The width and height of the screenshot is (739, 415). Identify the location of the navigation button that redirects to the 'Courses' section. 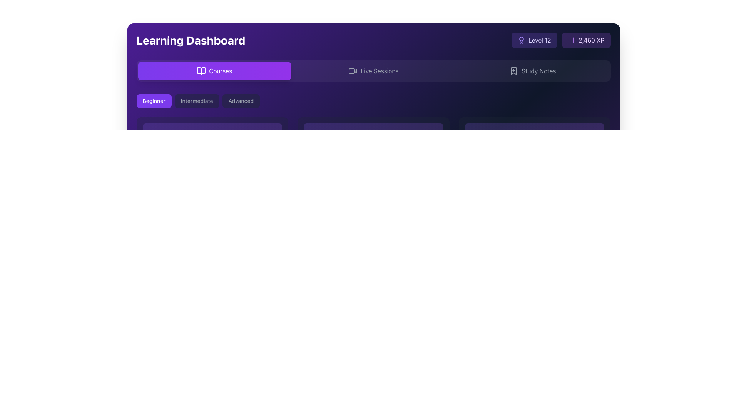
(214, 71).